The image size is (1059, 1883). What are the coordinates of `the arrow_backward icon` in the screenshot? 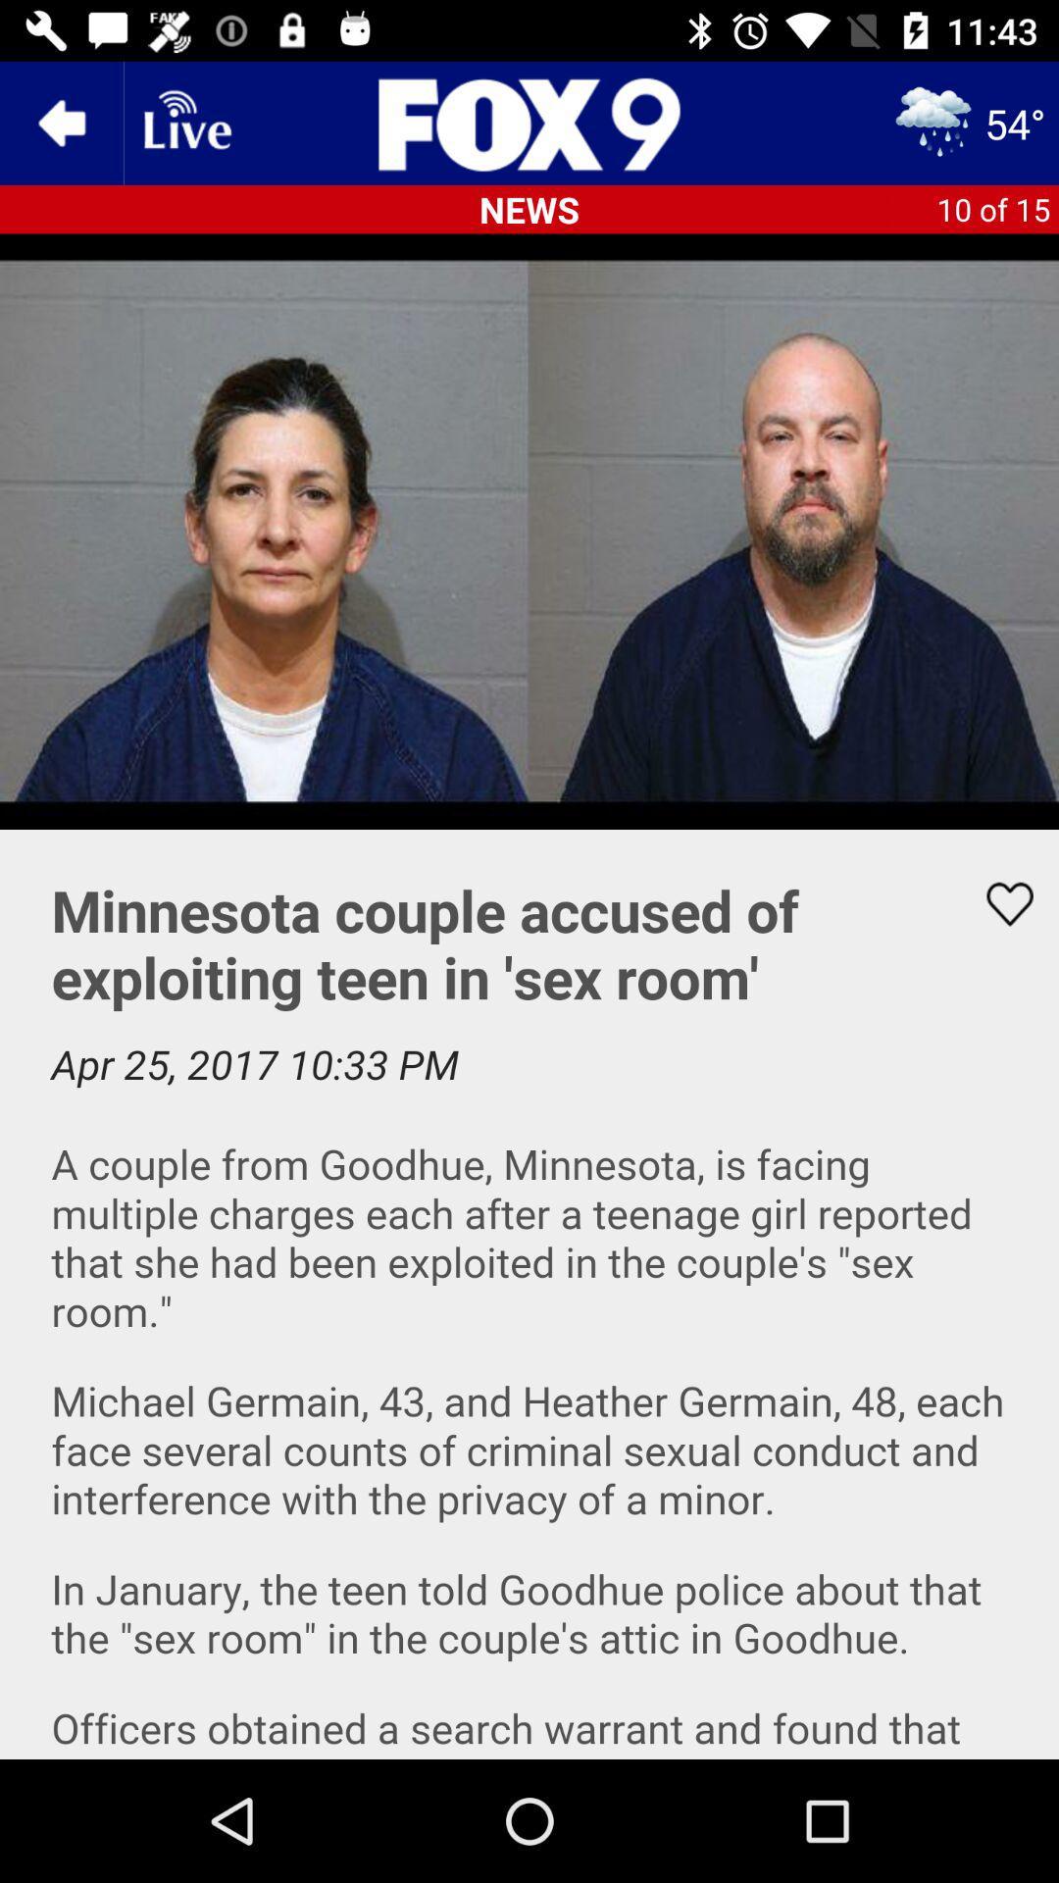 It's located at (60, 122).